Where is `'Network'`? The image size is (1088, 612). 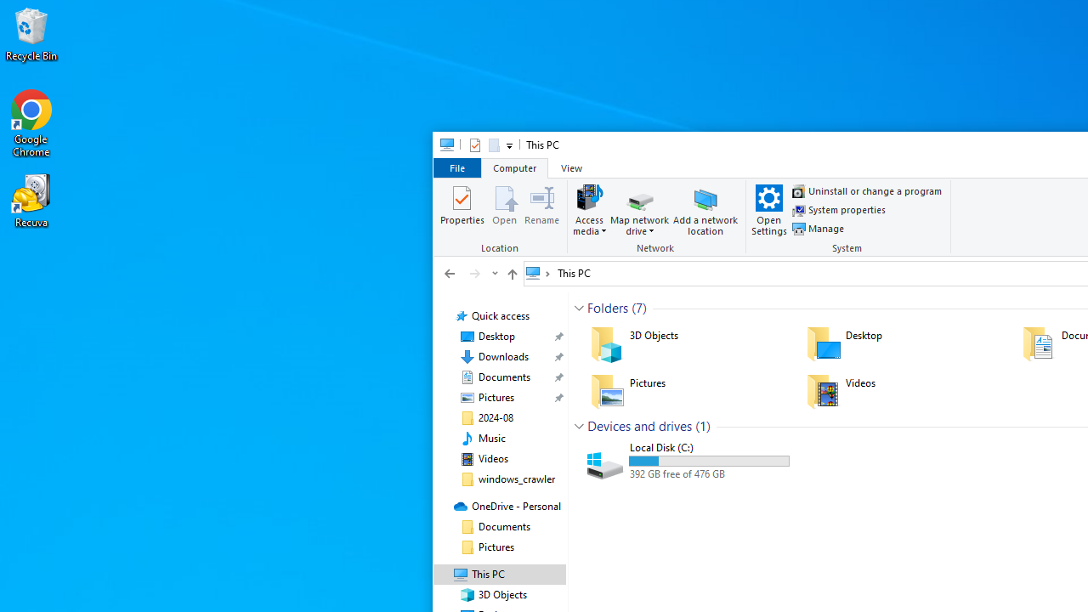 'Network' is located at coordinates (656, 217).